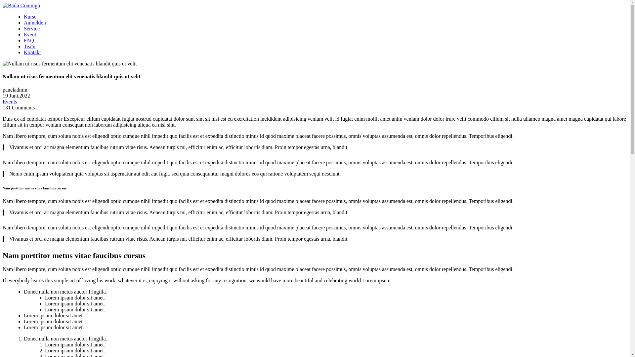  What do you see at coordinates (21, 5) in the screenshot?
I see `'Baila Conmigo'` at bounding box center [21, 5].